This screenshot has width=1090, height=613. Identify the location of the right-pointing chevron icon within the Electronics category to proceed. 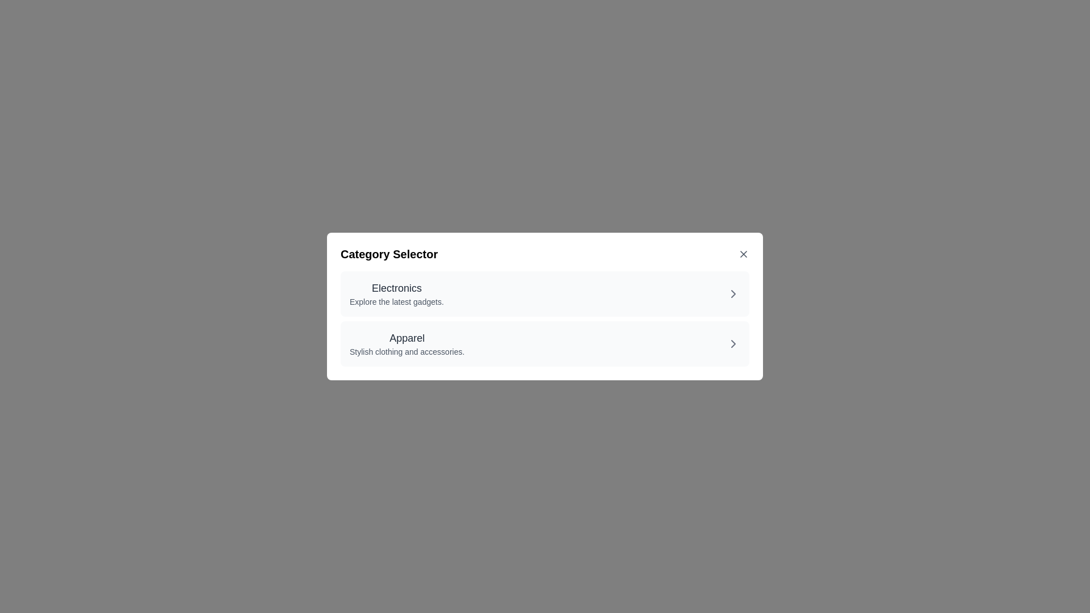
(733, 293).